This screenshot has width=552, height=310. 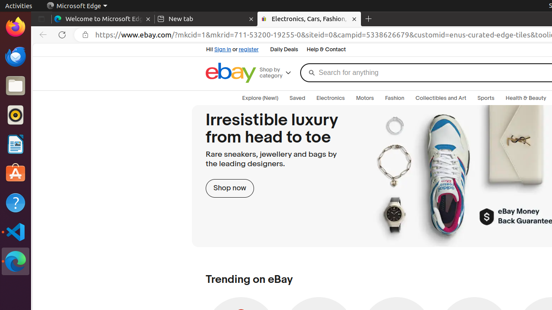 I want to click on 'Help & Contact', so click(x=326, y=50).